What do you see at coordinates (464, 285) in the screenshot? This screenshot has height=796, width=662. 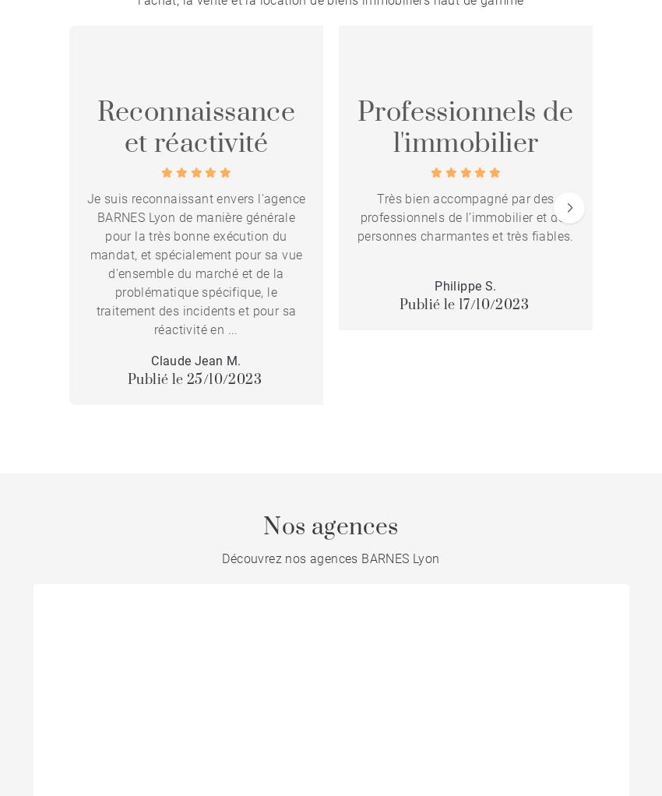 I see `'Philippe S.'` at bounding box center [464, 285].